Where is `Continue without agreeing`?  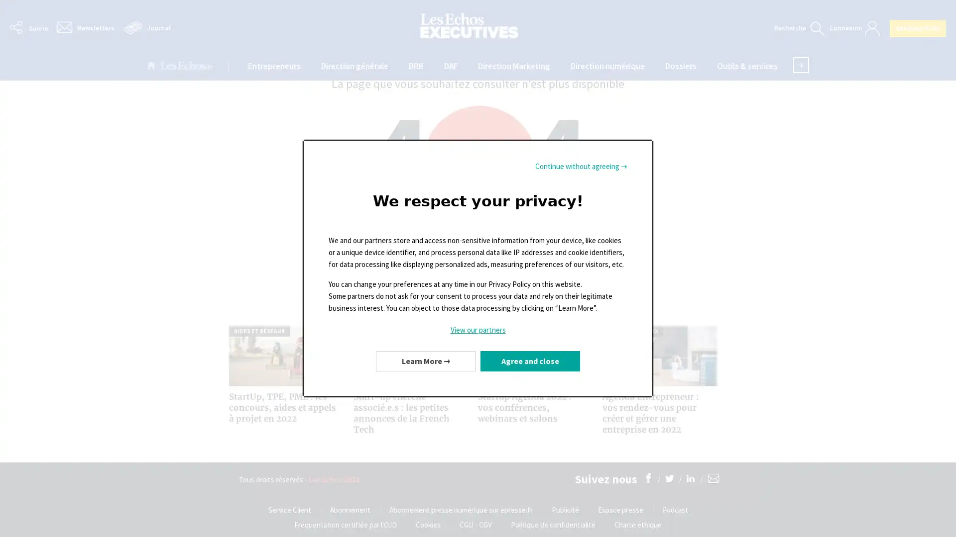
Continue without agreeing is located at coordinates (581, 166).